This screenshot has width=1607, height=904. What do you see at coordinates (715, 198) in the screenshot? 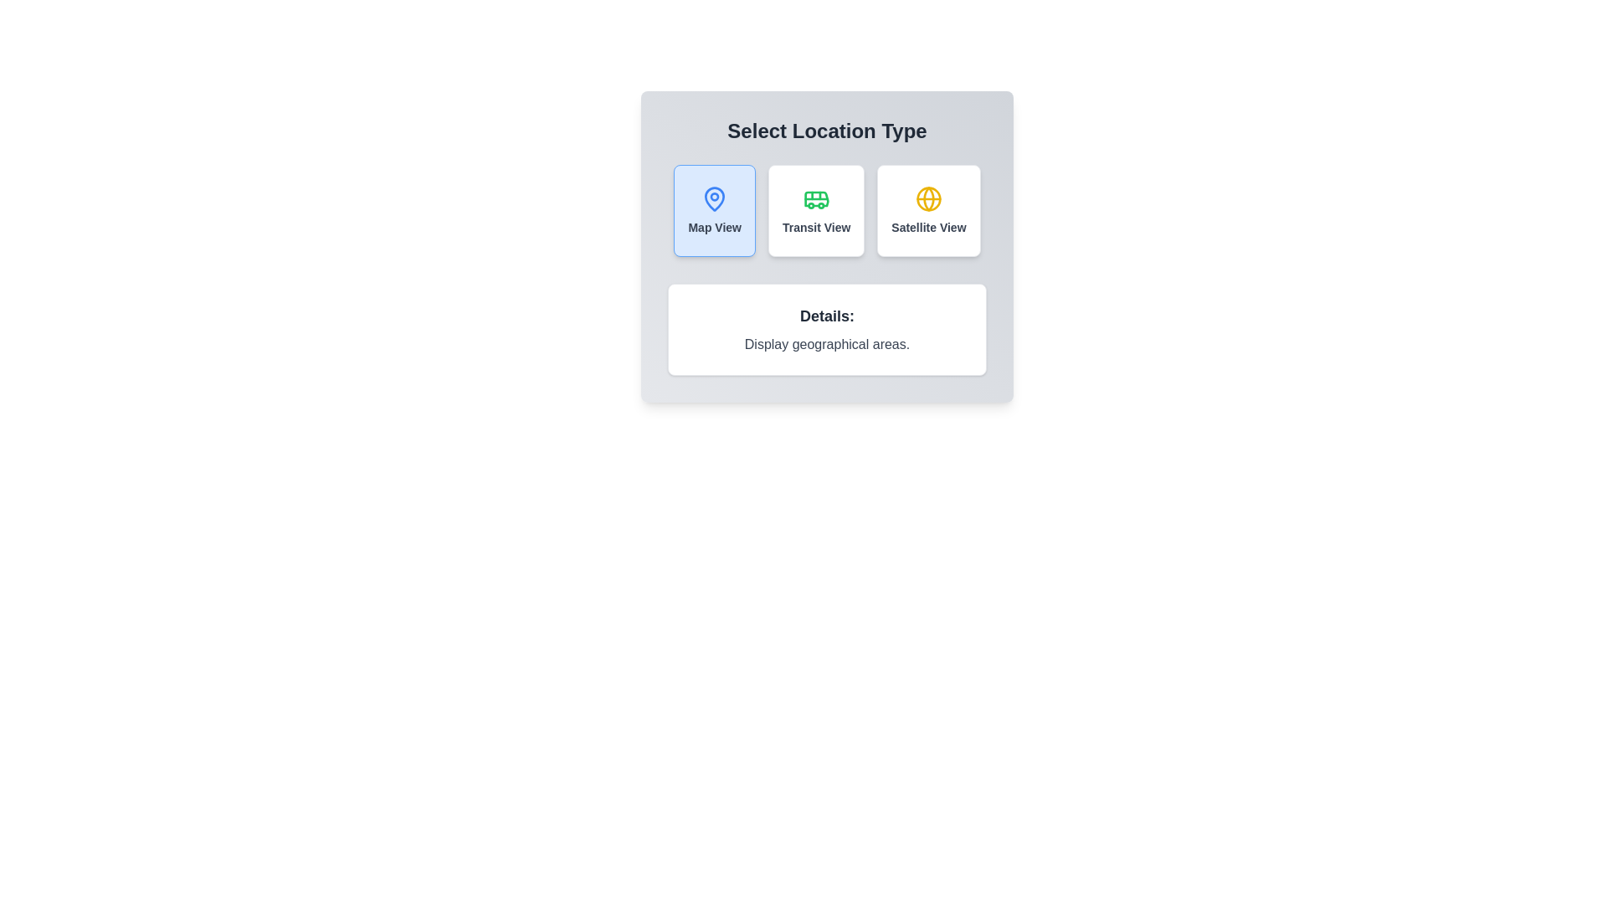
I see `the blue location pin icon with rounded edges located at the top center of the 'Map View' region` at bounding box center [715, 198].